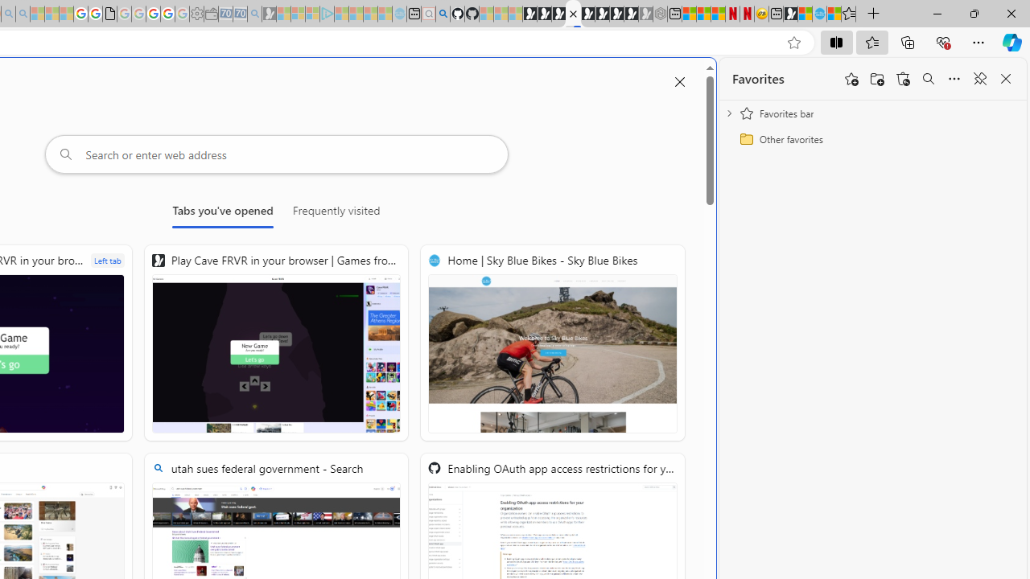 The width and height of the screenshot is (1030, 579). What do you see at coordinates (978, 79) in the screenshot?
I see `'Unpin favorites'` at bounding box center [978, 79].